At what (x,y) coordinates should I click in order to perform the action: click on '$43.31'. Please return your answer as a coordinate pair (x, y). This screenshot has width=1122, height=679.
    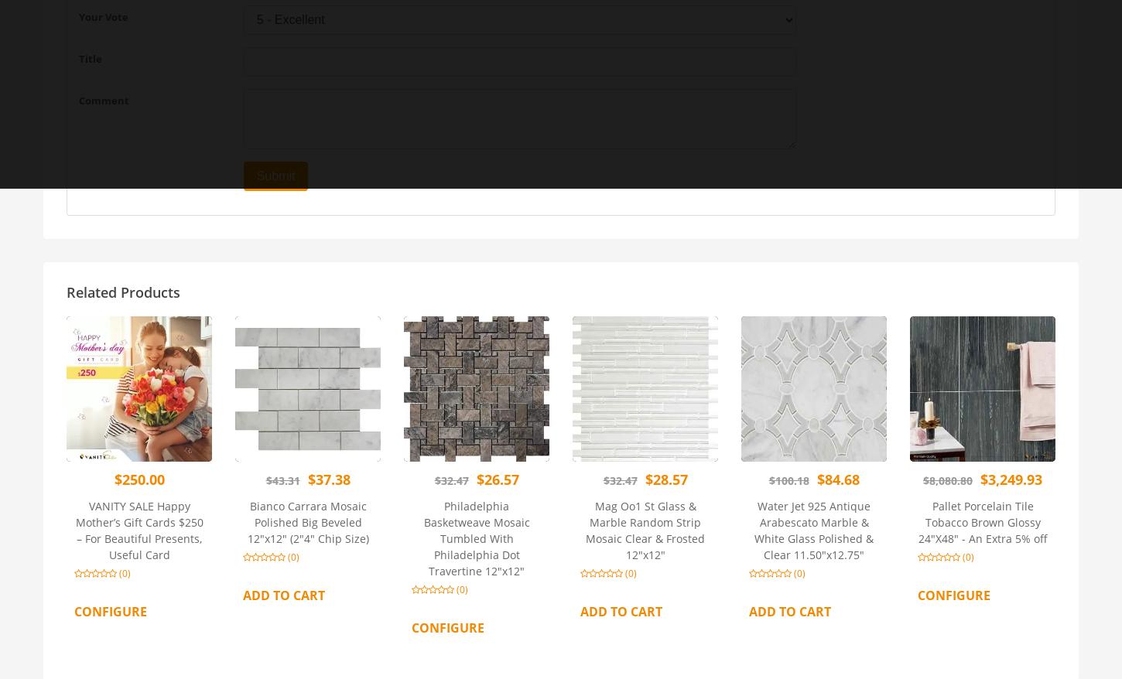
    Looking at the image, I should click on (281, 479).